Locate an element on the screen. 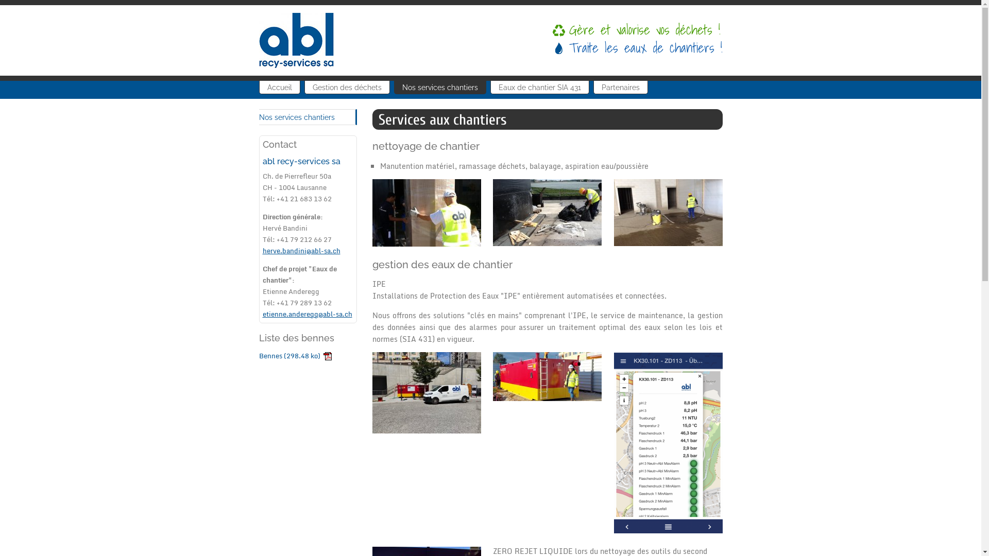  'etienne.anderegg@abl-sa.ch' is located at coordinates (306, 313).